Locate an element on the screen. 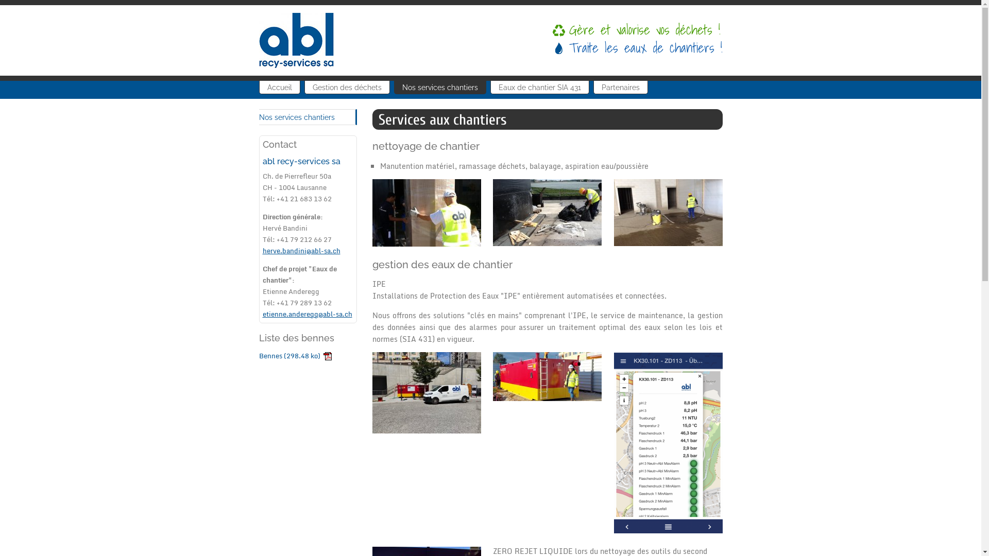  'etienne.anderegg@abl-sa.ch' is located at coordinates (306, 313).